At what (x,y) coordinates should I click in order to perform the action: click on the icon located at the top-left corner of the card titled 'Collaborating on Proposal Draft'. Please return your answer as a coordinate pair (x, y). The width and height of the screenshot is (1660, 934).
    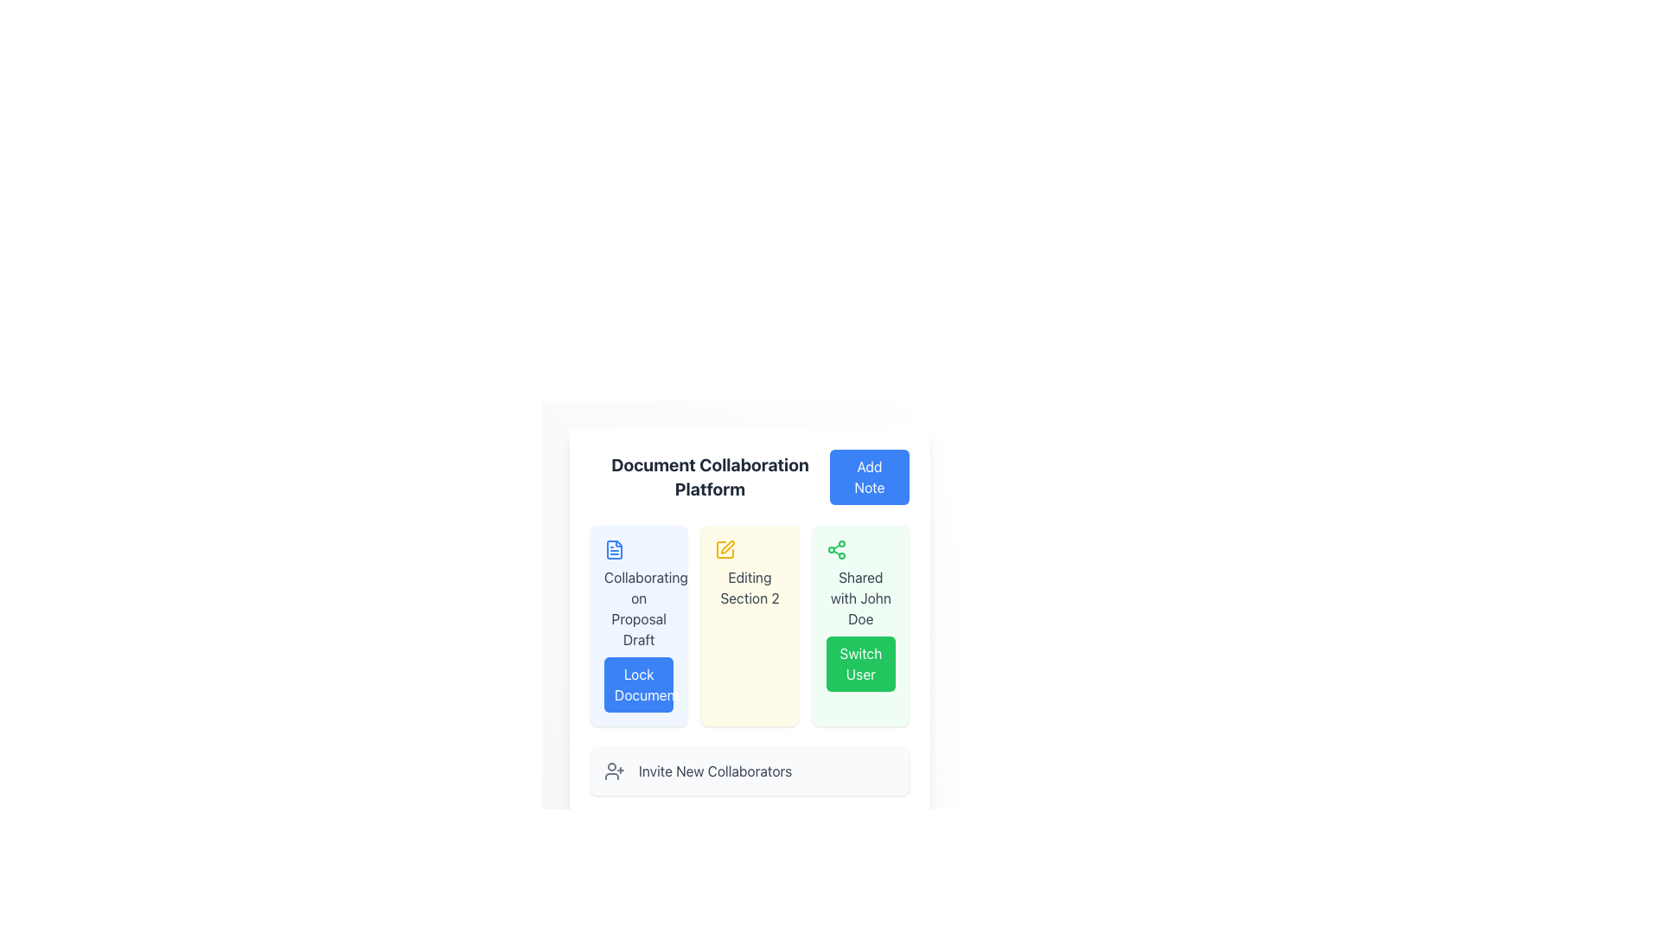
    Looking at the image, I should click on (614, 550).